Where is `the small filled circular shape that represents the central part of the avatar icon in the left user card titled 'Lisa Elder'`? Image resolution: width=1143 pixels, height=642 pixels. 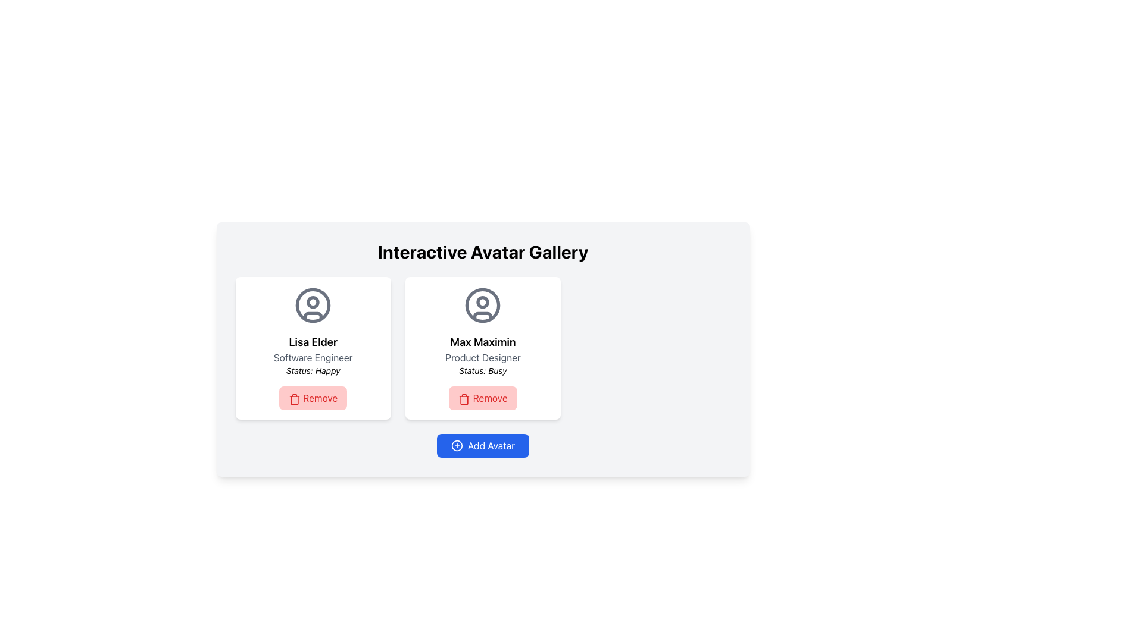 the small filled circular shape that represents the central part of the avatar icon in the left user card titled 'Lisa Elder' is located at coordinates (313, 301).